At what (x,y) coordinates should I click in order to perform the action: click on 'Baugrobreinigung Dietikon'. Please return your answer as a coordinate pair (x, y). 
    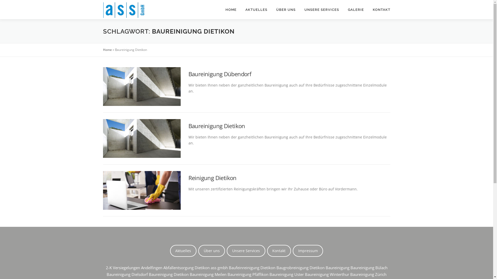
    Looking at the image, I should click on (301, 267).